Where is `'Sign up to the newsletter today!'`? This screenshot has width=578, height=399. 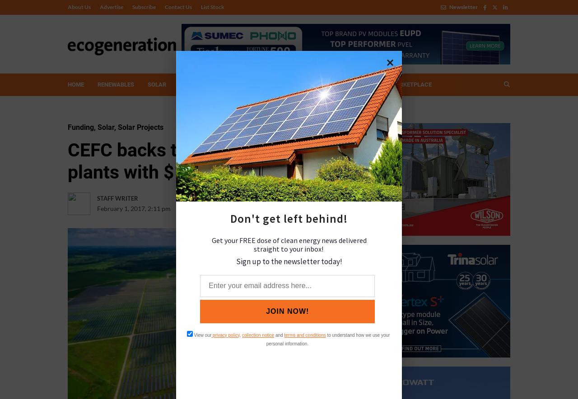
'Sign up to the newsletter today!' is located at coordinates (288, 261).